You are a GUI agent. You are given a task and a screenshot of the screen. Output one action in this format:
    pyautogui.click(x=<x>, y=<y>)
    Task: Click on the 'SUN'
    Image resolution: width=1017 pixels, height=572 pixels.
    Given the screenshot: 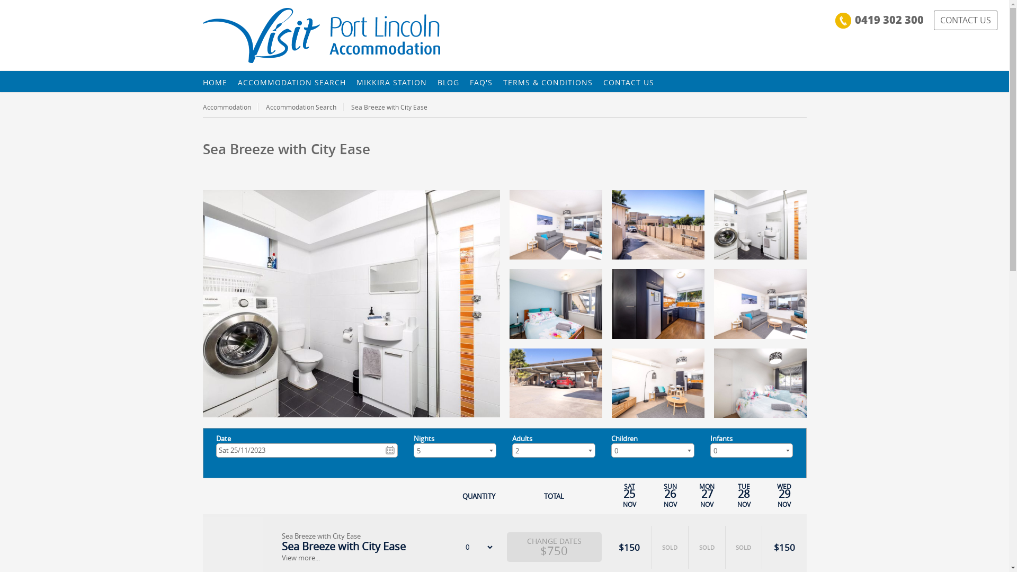 What is the action you would take?
    pyautogui.click(x=670, y=486)
    